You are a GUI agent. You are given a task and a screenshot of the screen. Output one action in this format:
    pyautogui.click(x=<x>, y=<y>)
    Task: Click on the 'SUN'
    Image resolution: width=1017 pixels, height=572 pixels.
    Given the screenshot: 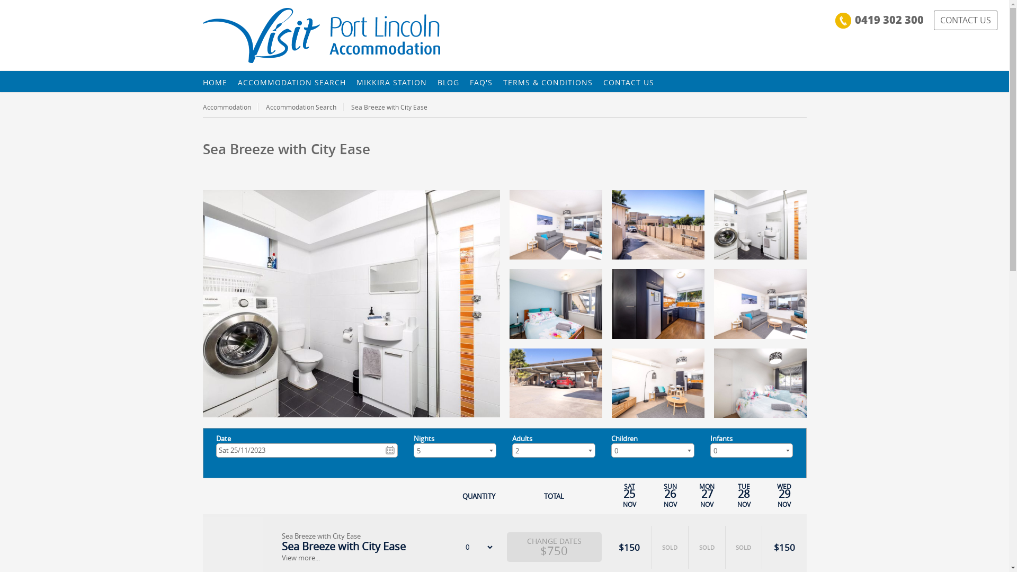 What is the action you would take?
    pyautogui.click(x=670, y=486)
    